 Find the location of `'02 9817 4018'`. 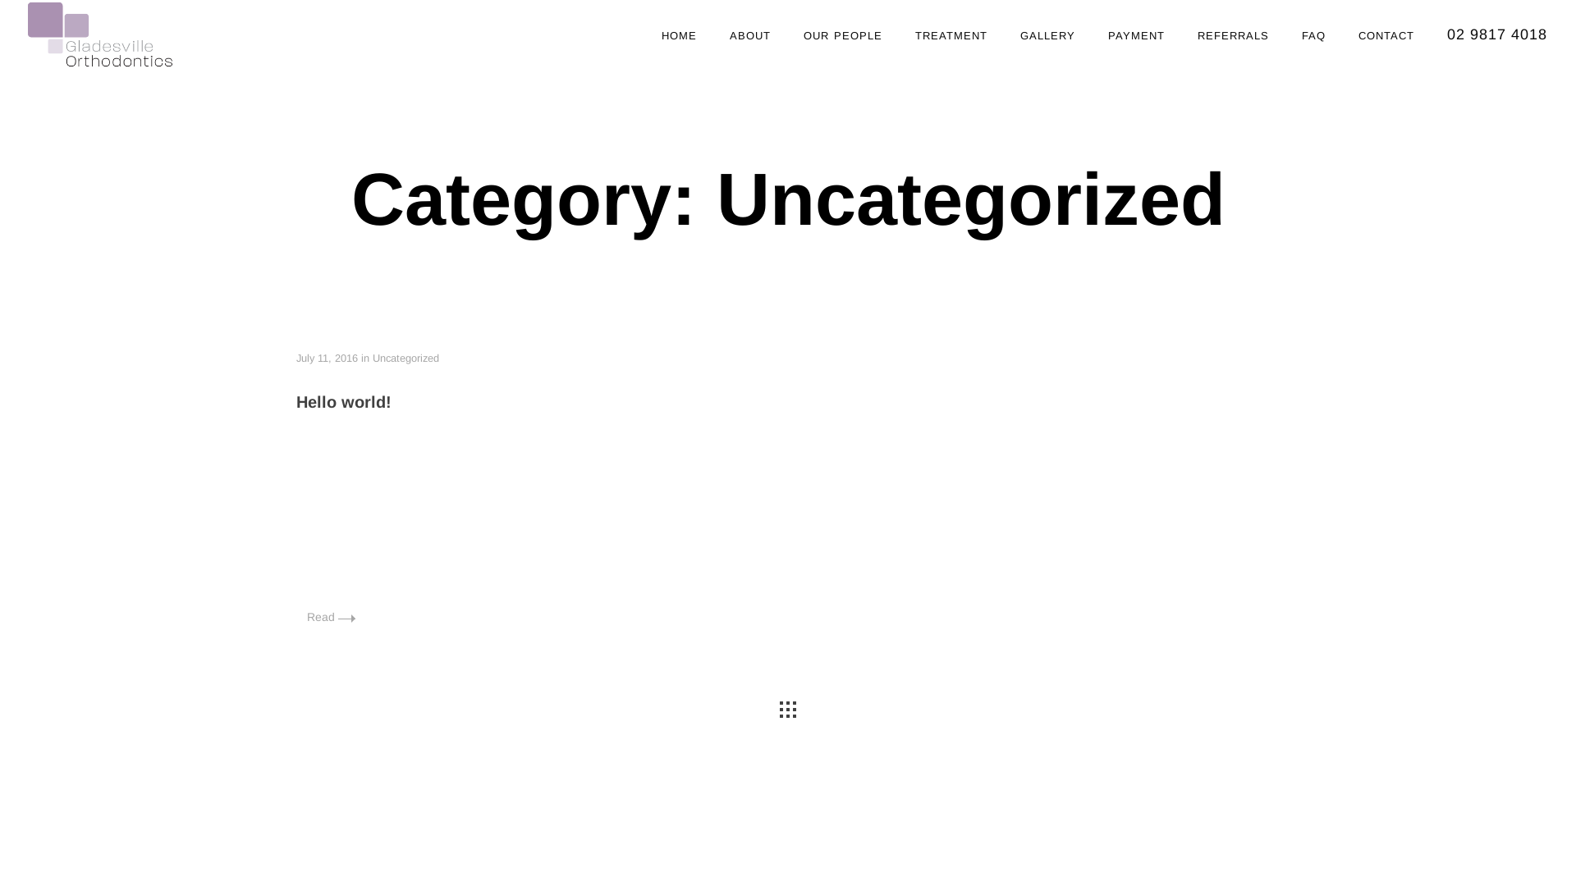

'02 9817 4018' is located at coordinates (1497, 34).